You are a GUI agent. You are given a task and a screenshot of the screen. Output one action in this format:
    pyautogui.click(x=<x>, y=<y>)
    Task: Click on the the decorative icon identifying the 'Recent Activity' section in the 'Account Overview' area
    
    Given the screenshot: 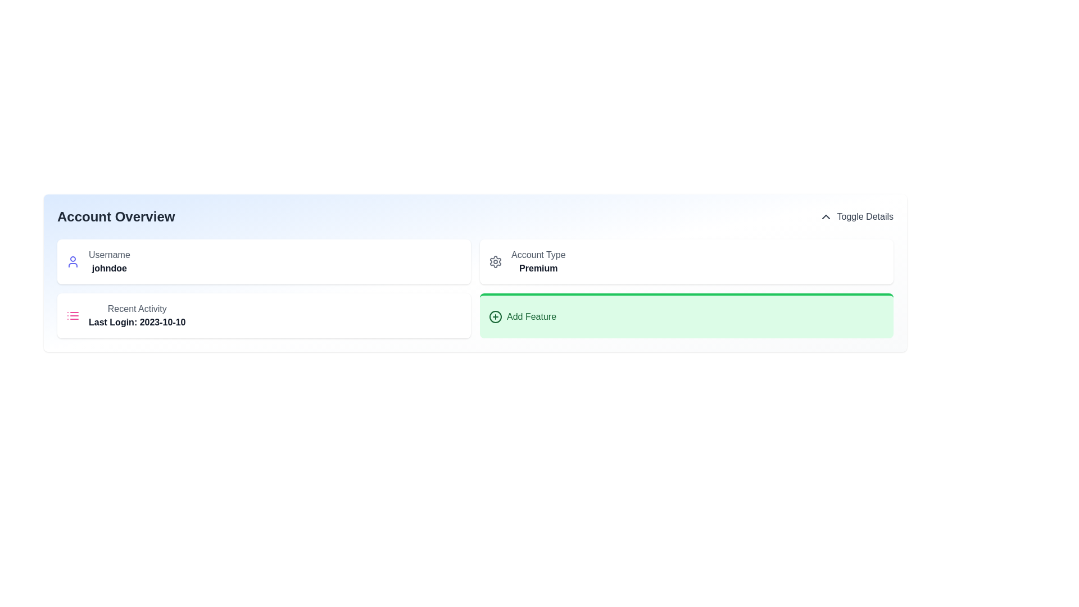 What is the action you would take?
    pyautogui.click(x=72, y=316)
    